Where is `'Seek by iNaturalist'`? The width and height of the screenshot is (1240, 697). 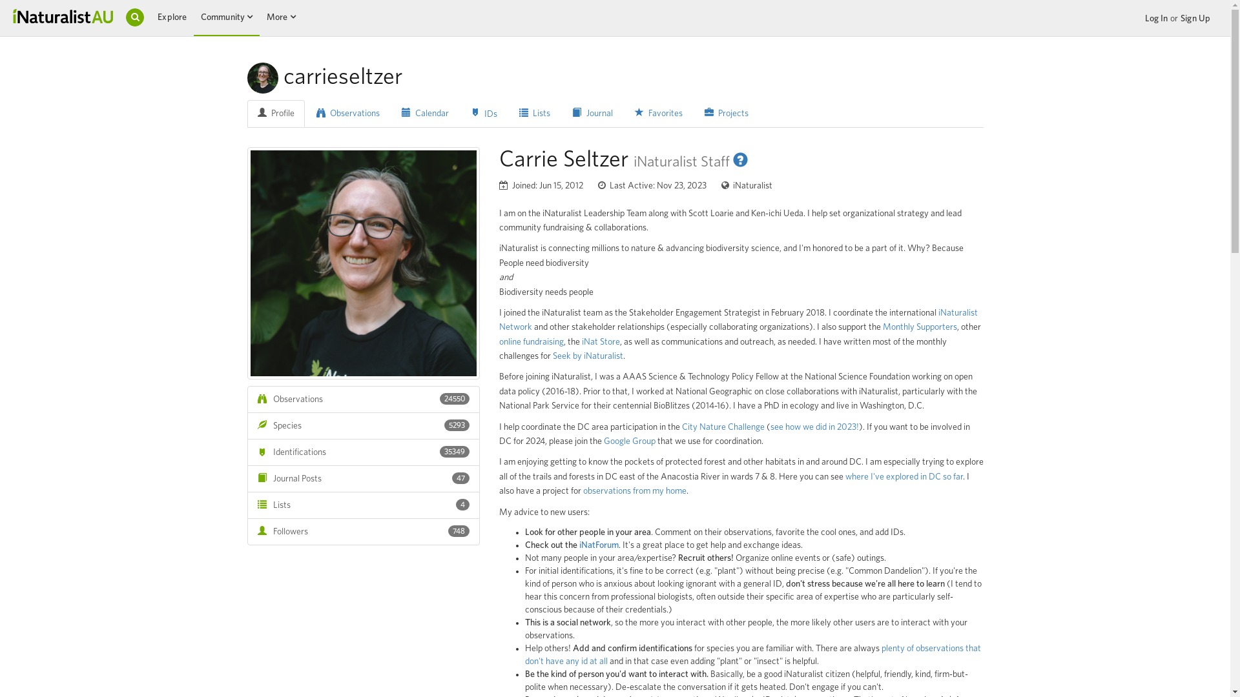
'Seek by iNaturalist' is located at coordinates (587, 356).